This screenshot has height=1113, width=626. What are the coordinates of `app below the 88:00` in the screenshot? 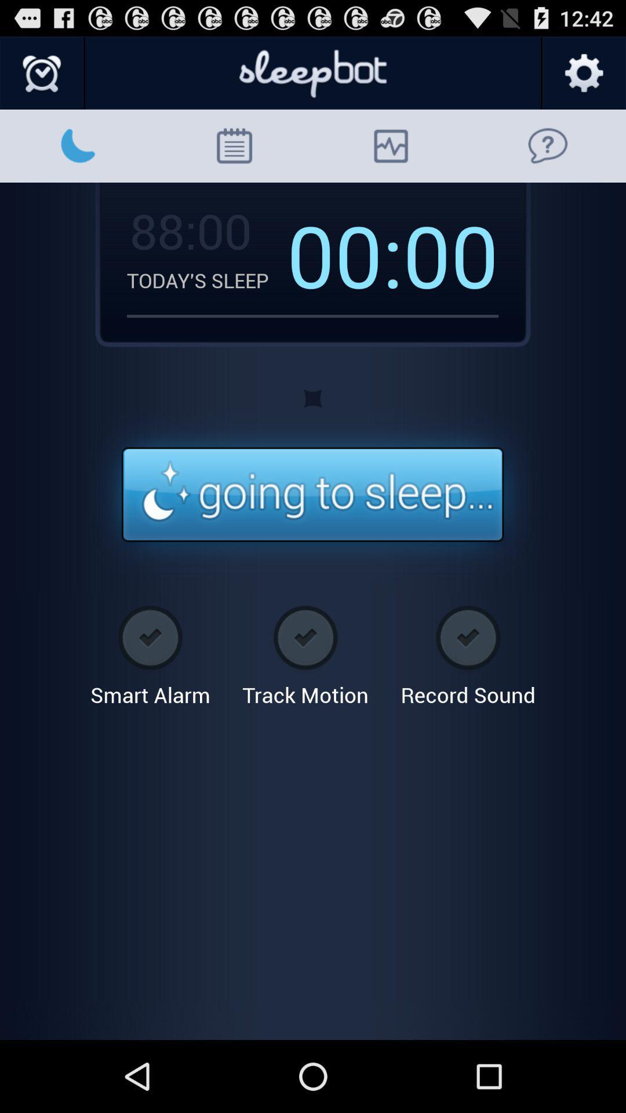 It's located at (206, 280).